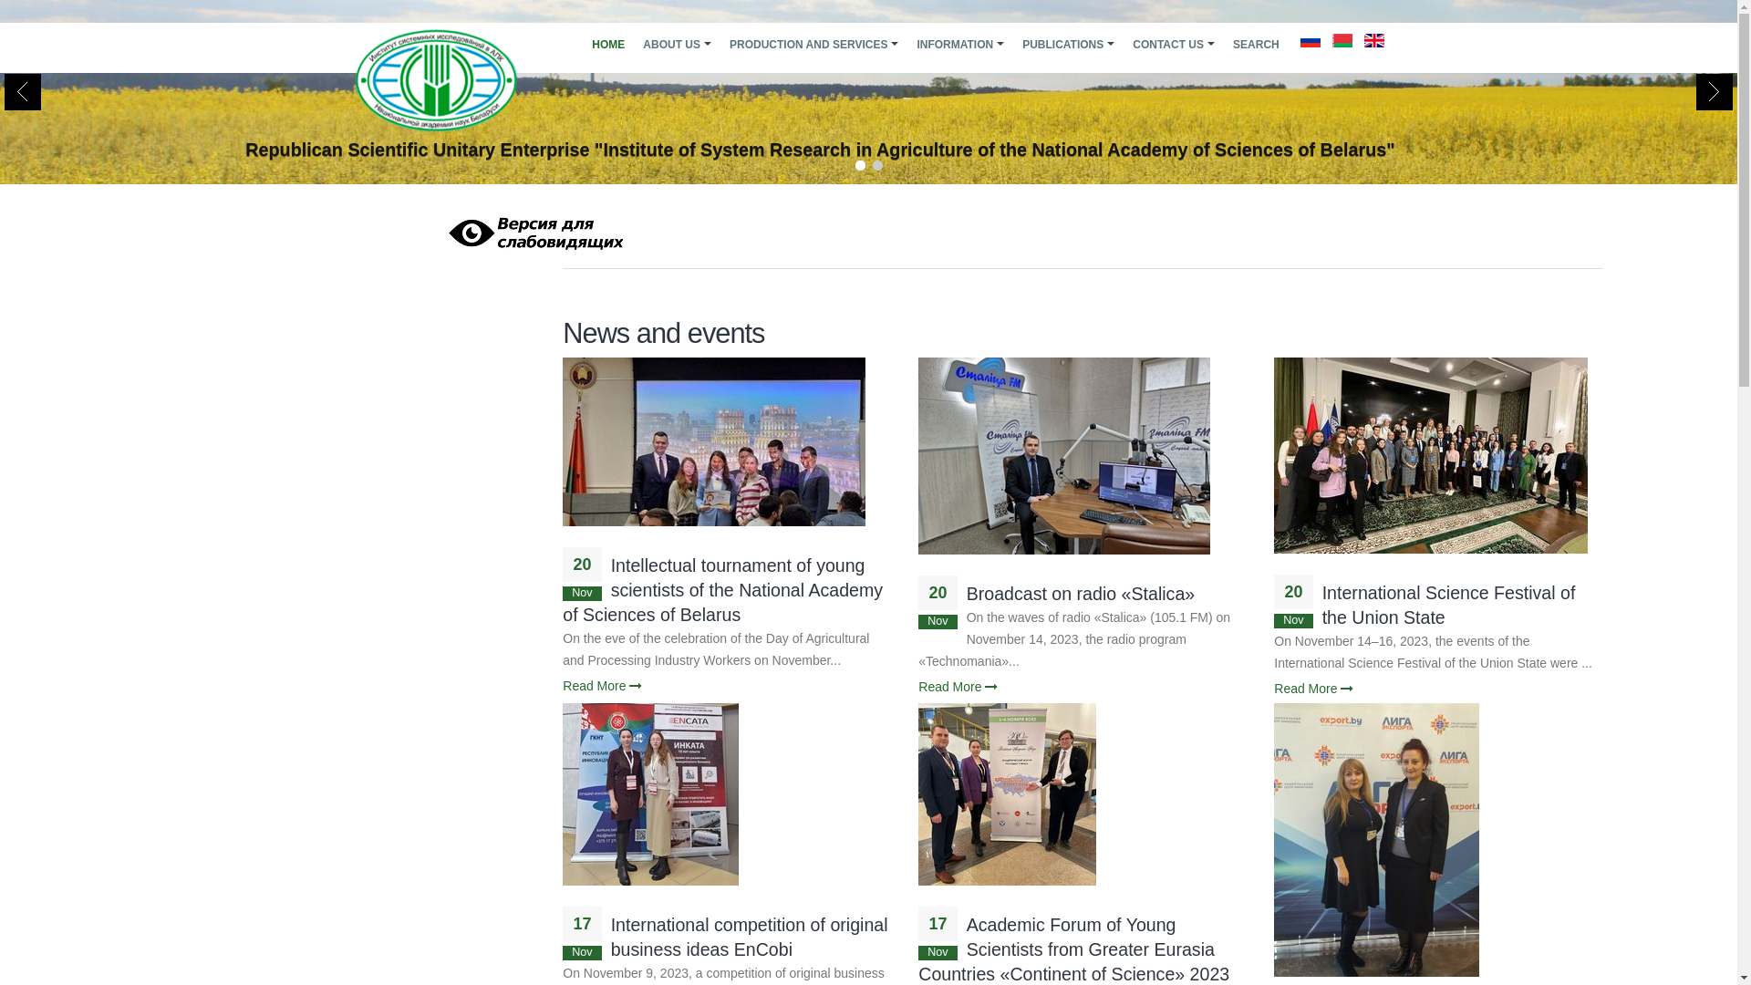 The image size is (1751, 985). What do you see at coordinates (1255, 44) in the screenshot?
I see `'SEARCH'` at bounding box center [1255, 44].